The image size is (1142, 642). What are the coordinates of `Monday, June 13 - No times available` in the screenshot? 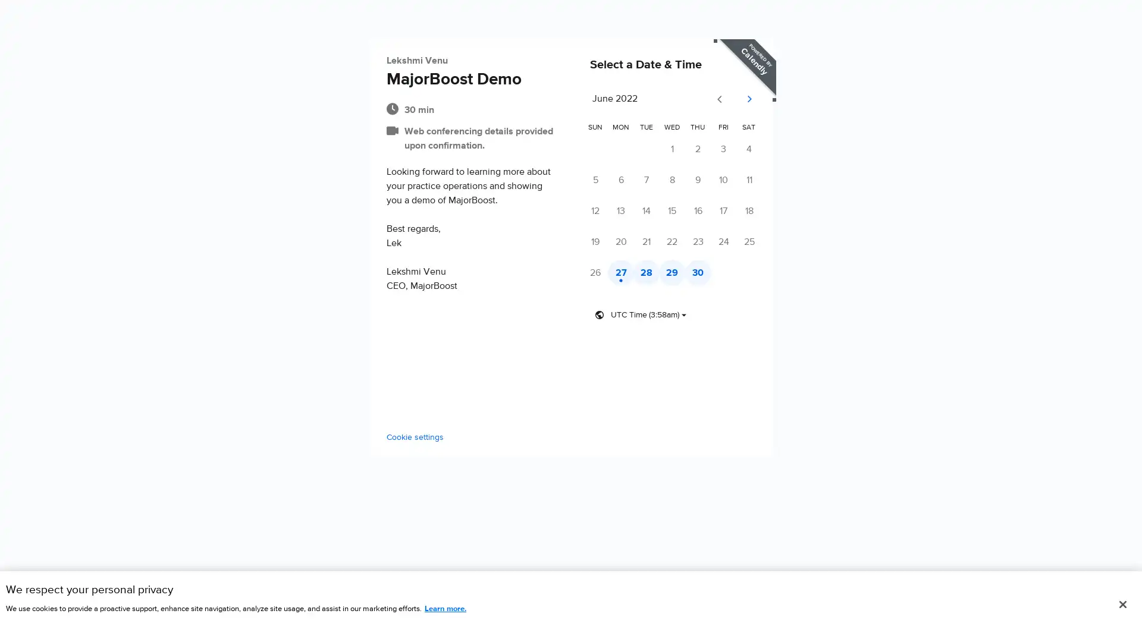 It's located at (628, 210).